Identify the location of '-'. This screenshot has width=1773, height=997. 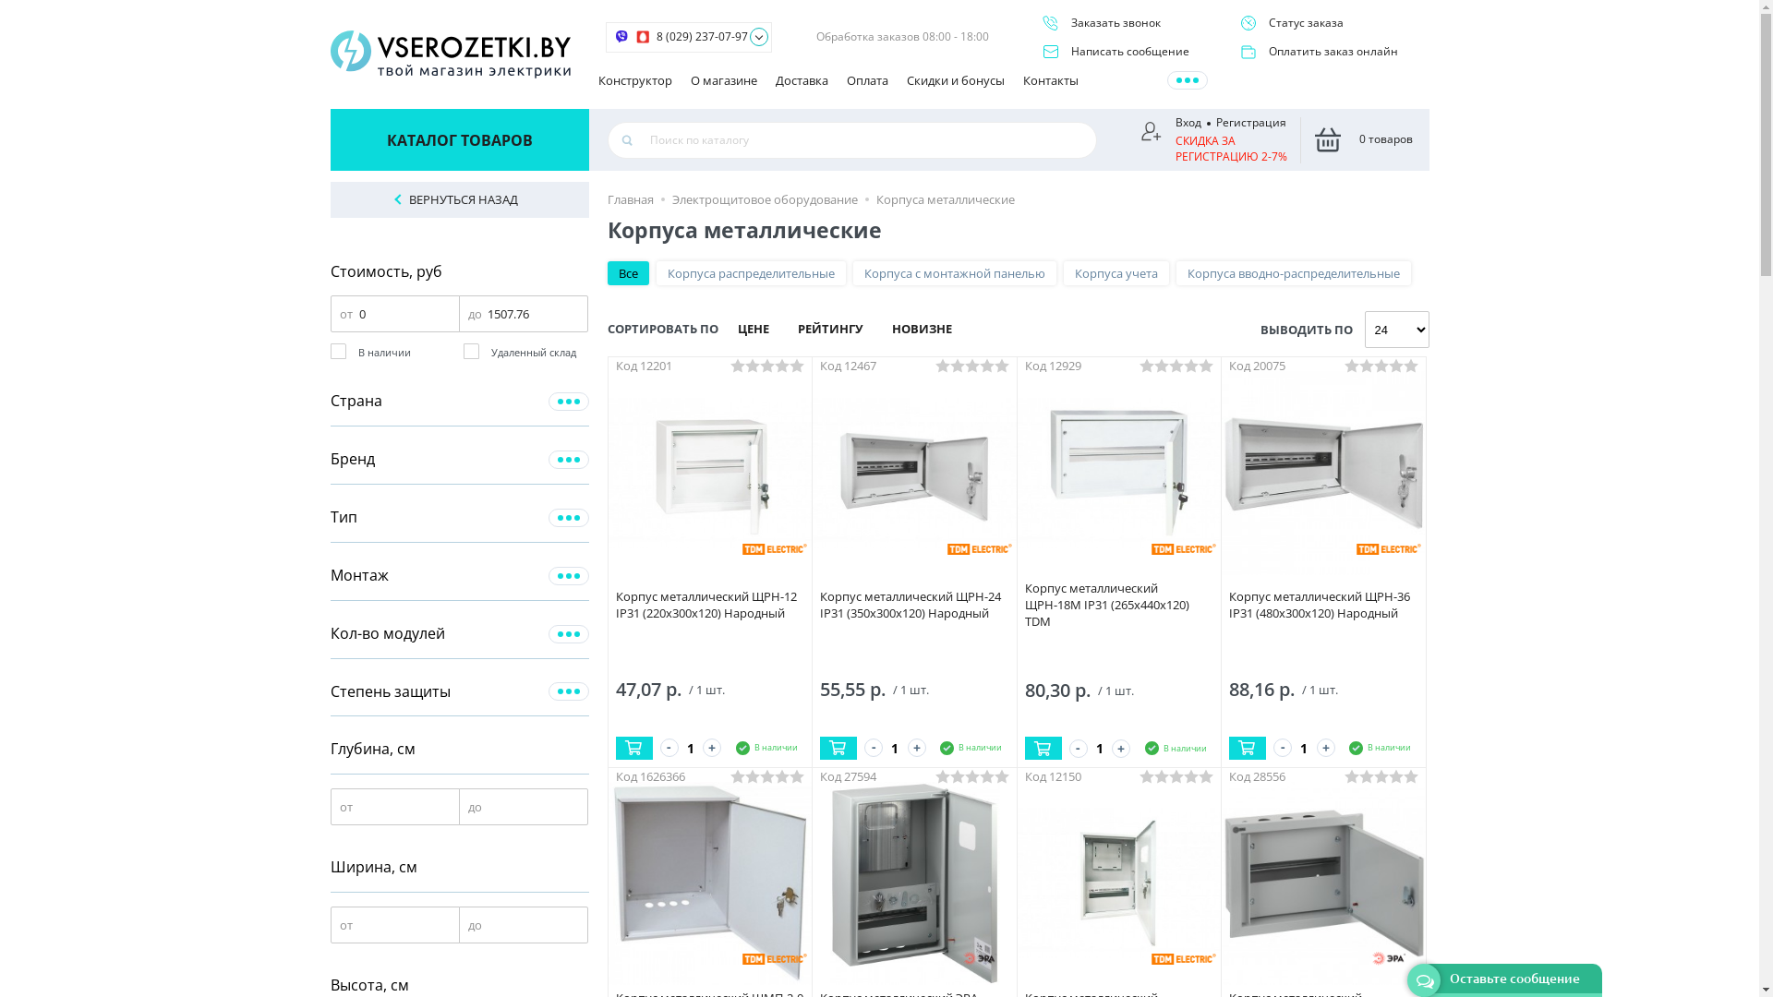
(863, 748).